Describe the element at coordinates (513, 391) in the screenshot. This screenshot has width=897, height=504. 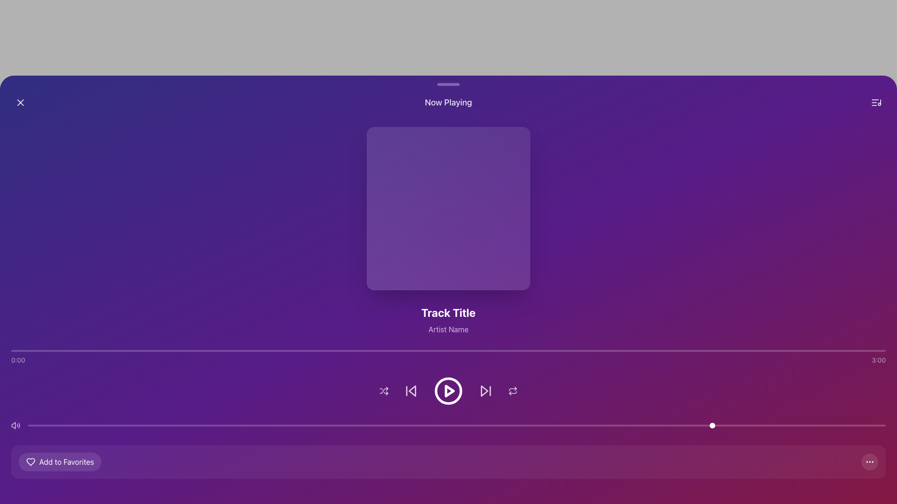
I see `the repeat toggle button, which is a circular icon with two arrows forming a loop, located at the farthest right in the horizontal menu near the bottom center of the interface` at that location.